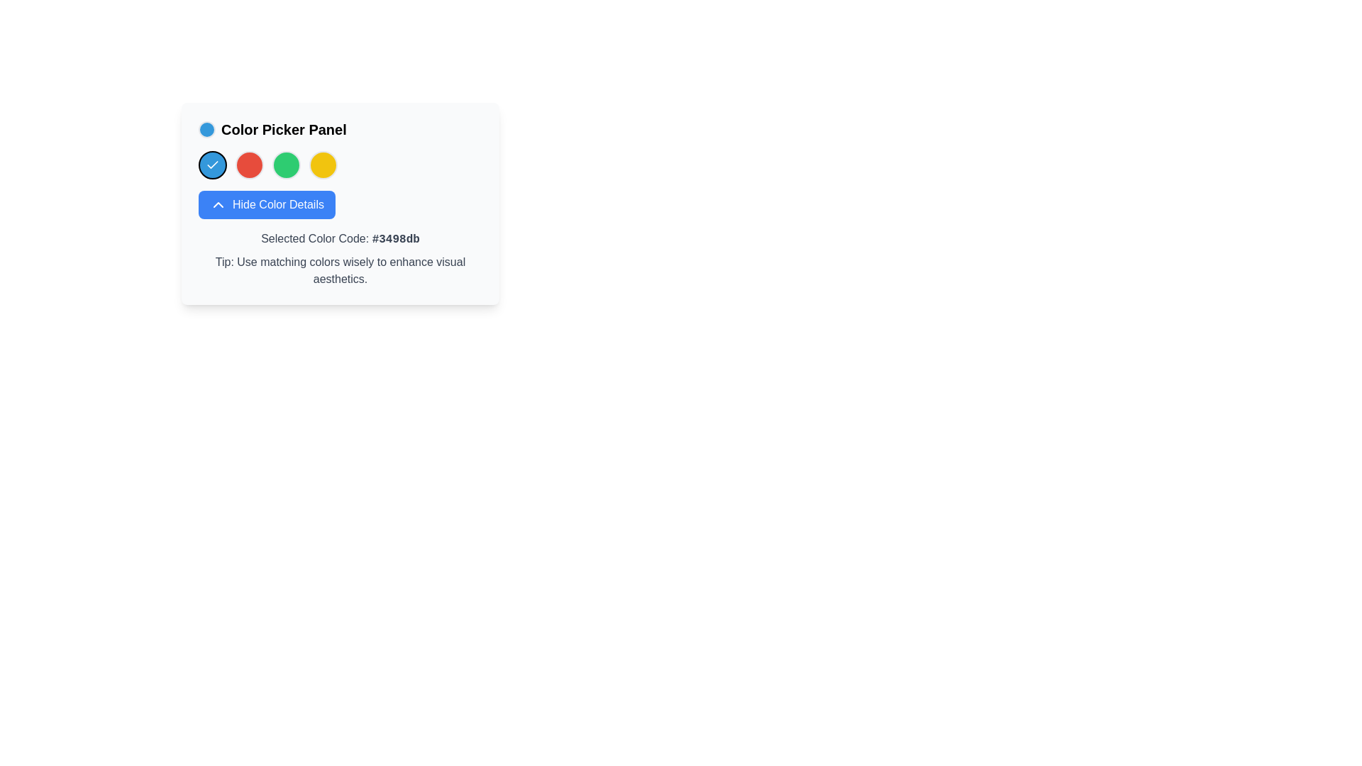  I want to click on the fourth circular color button, which is a rounded green circle, so click(285, 164).